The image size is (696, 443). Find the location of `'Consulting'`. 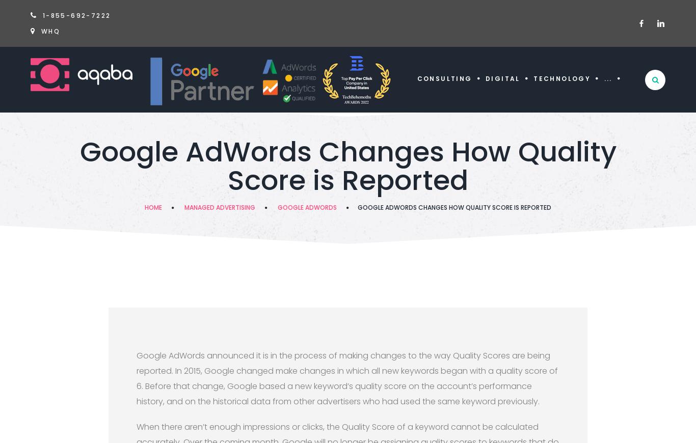

'Consulting' is located at coordinates (444, 78).